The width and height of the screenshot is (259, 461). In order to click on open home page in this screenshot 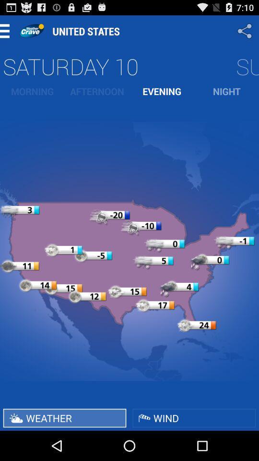, I will do `click(31, 31)`.